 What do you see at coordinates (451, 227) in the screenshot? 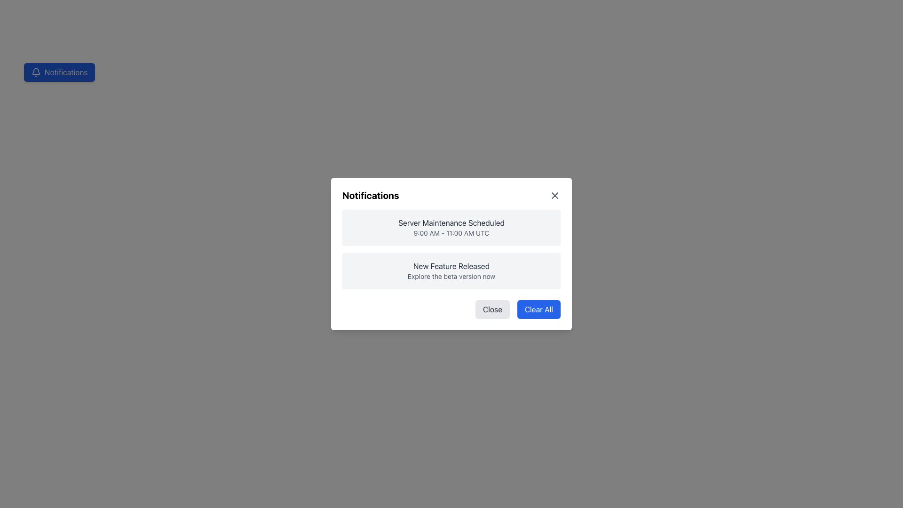
I see `the 'Server Maintenance Scheduled' informational notification card located at the top of the notification list in the 'Notifications' modal dialog to interact with its embedded functionality` at bounding box center [451, 227].